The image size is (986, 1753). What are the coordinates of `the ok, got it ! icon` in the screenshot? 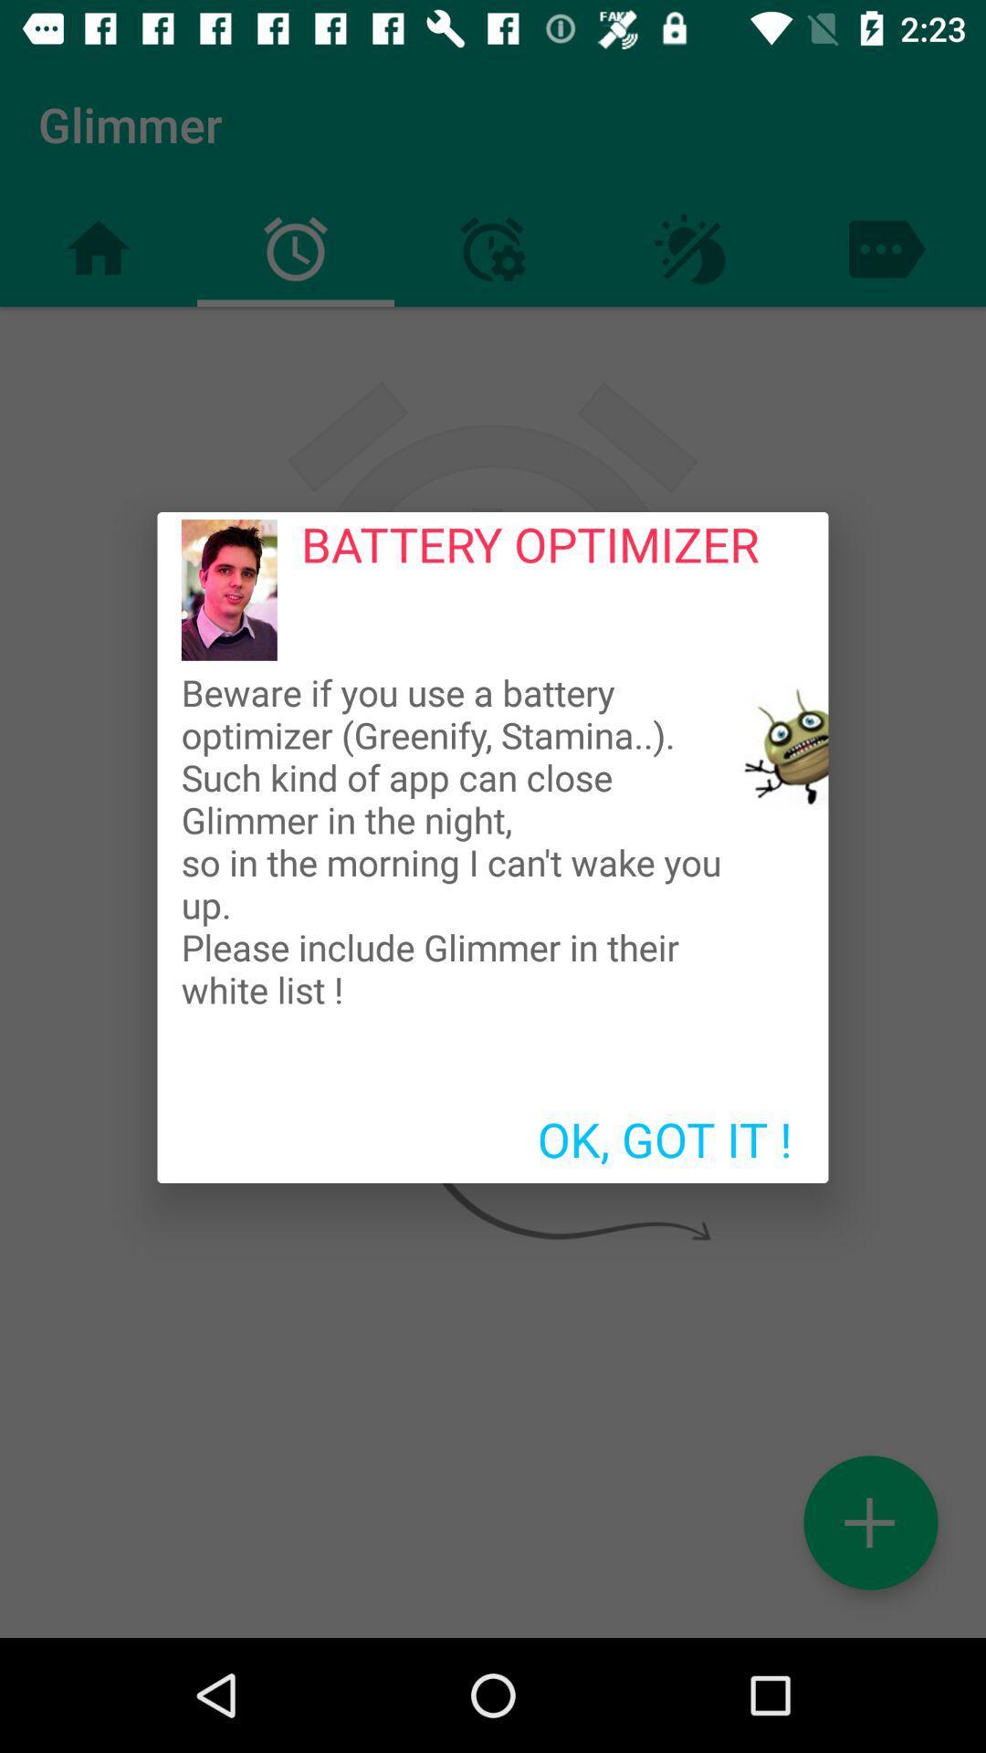 It's located at (665, 1138).